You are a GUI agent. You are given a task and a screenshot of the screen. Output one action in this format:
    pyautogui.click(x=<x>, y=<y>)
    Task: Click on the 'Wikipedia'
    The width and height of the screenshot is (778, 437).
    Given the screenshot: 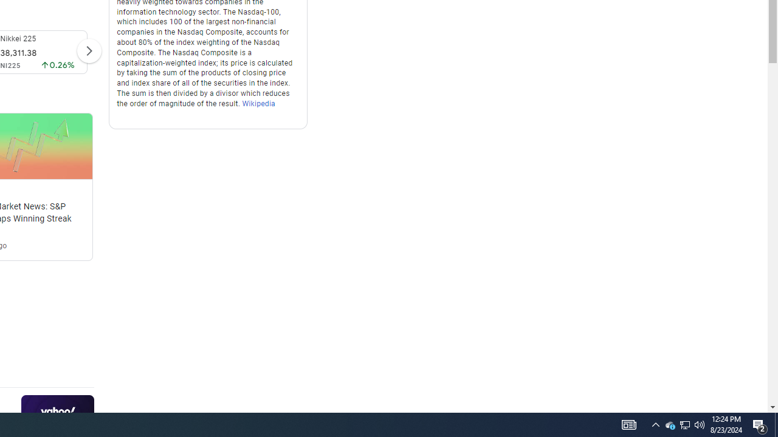 What is the action you would take?
    pyautogui.click(x=258, y=103)
    